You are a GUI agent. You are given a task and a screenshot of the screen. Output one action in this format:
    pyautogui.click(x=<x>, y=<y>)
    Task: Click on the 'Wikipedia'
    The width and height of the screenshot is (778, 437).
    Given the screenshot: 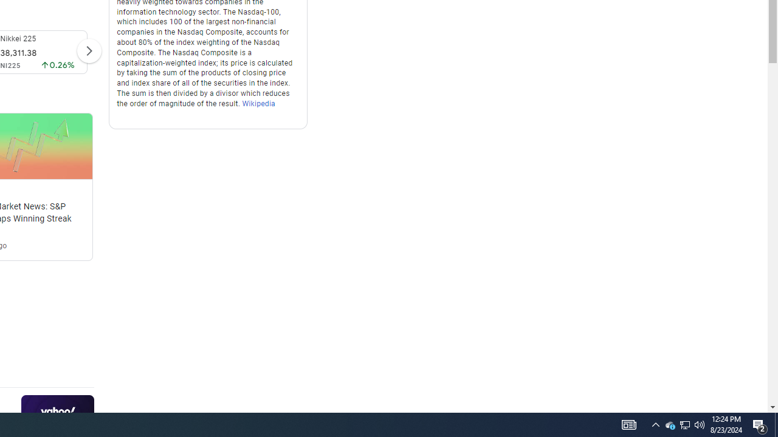 What is the action you would take?
    pyautogui.click(x=258, y=103)
    